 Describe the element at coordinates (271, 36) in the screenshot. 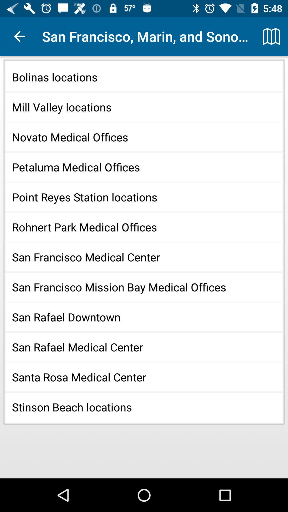

I see `the app to the right of the san francisco marin app` at that location.